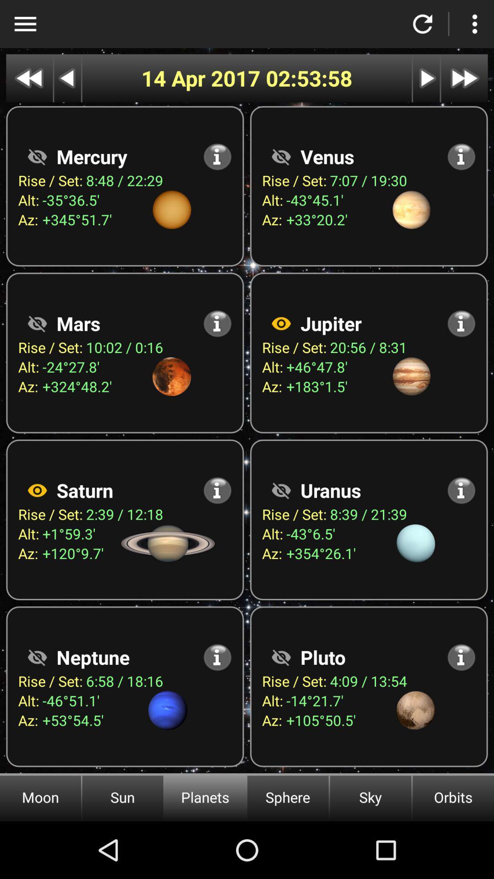  I want to click on information, so click(217, 490).